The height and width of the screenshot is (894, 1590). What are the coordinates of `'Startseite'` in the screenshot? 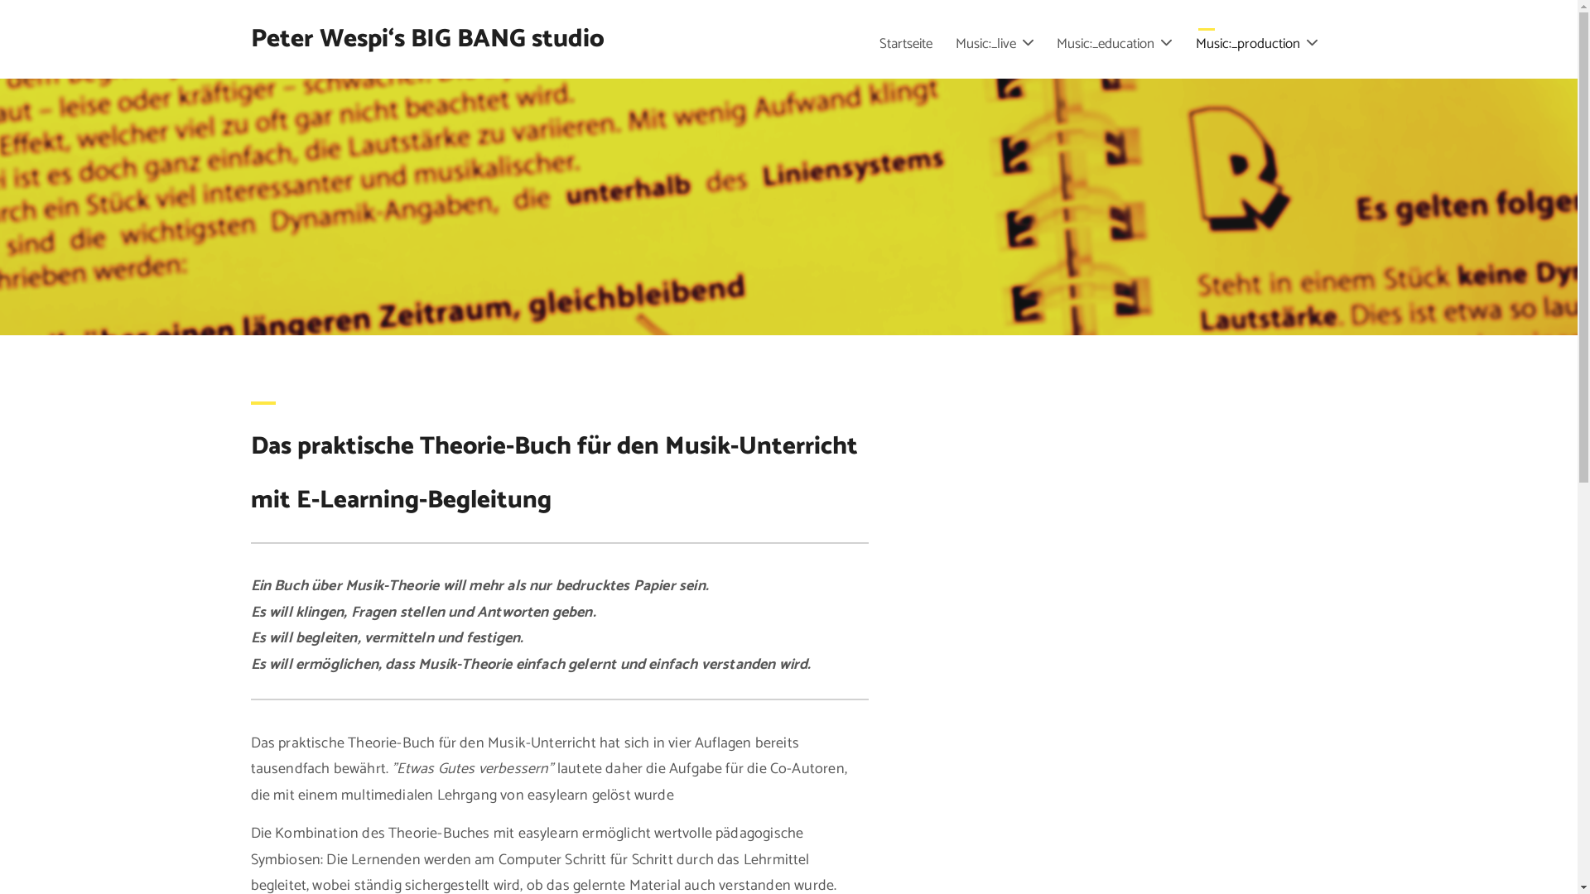 It's located at (905, 43).